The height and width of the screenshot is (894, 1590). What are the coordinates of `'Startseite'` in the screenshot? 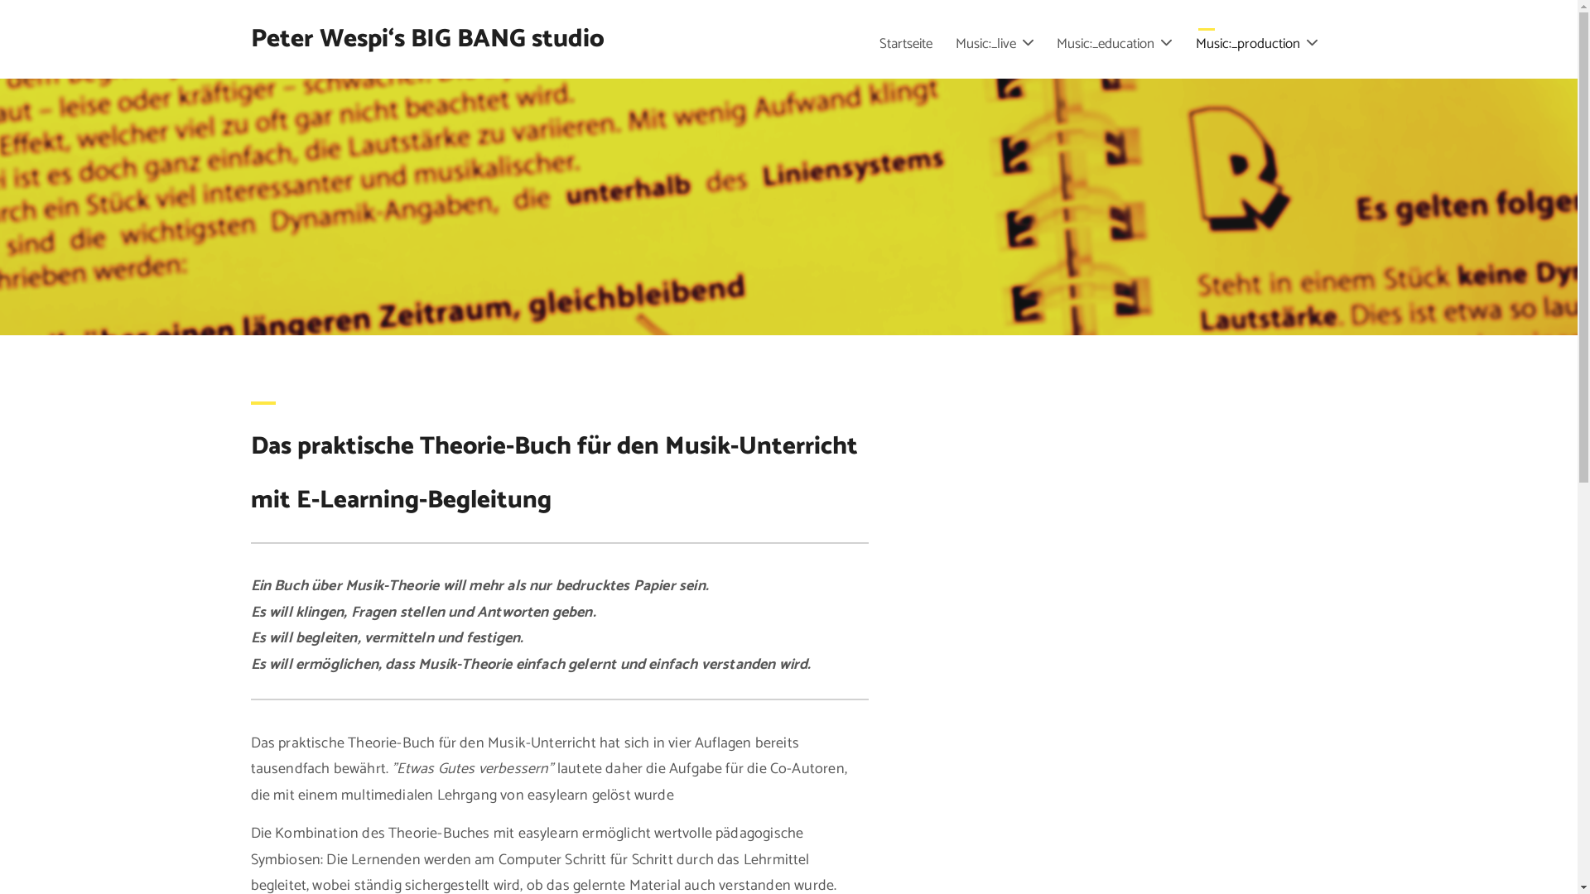 It's located at (905, 43).